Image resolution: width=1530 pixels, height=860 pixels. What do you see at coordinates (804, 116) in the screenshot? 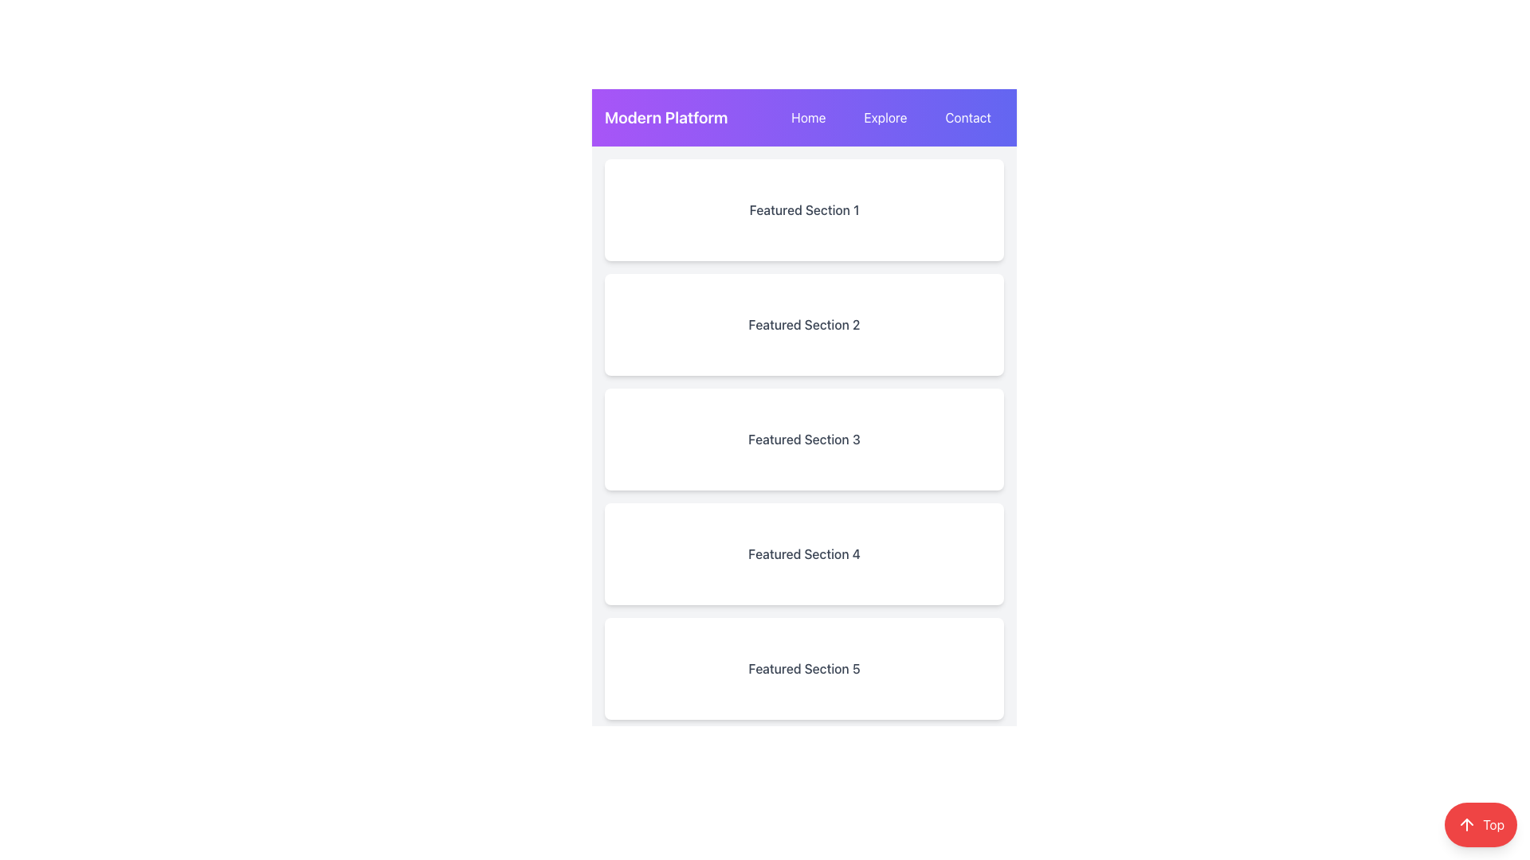
I see `the 'Home' link on the navigation bar, which is styled with a gradient background and contains the text 'Modern Platform' on the left and links on the right` at bounding box center [804, 116].